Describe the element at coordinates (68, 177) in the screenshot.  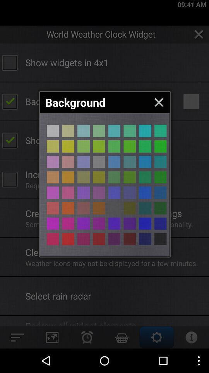
I see `back ground colors putton` at that location.